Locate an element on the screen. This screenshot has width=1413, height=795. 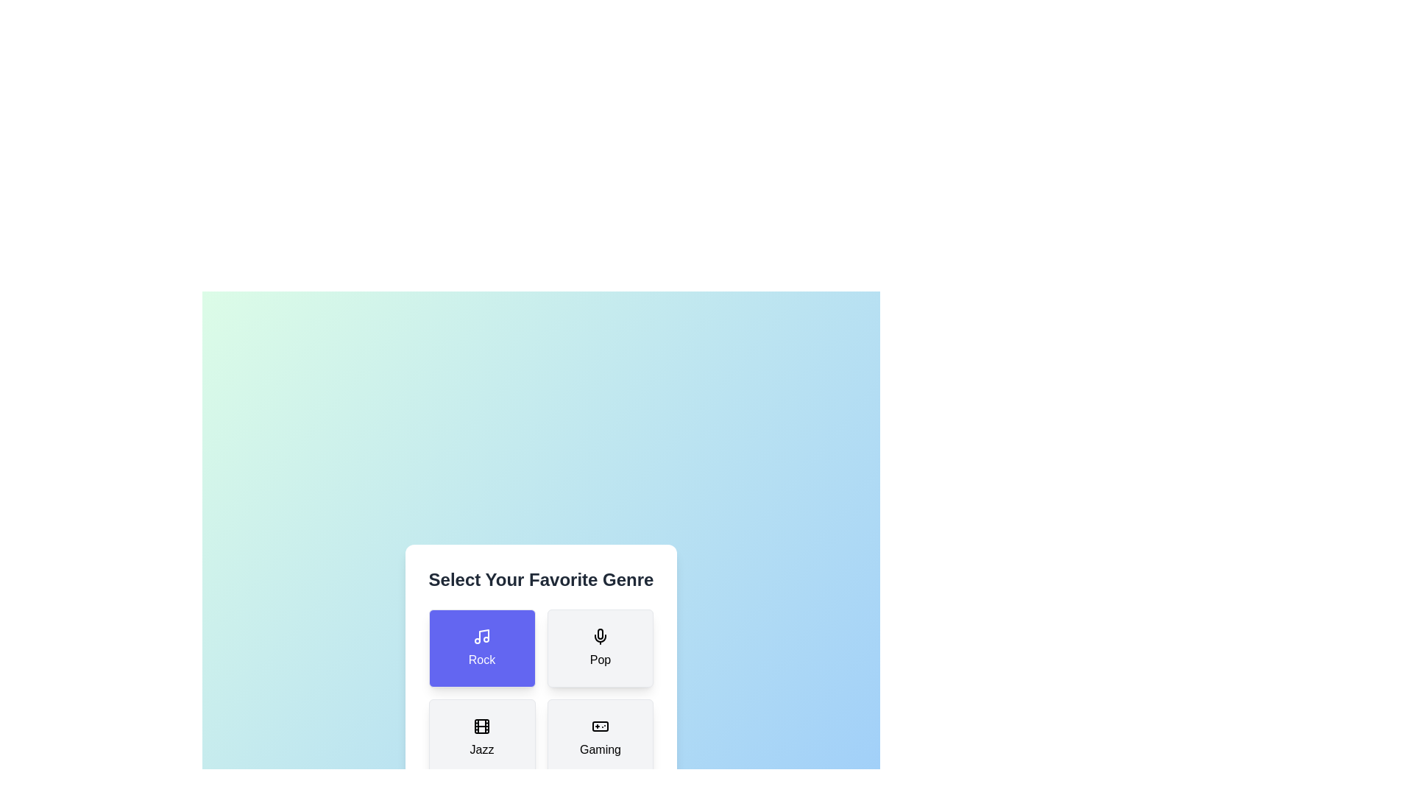
the jazz button to observe its hover effect is located at coordinates (481, 738).